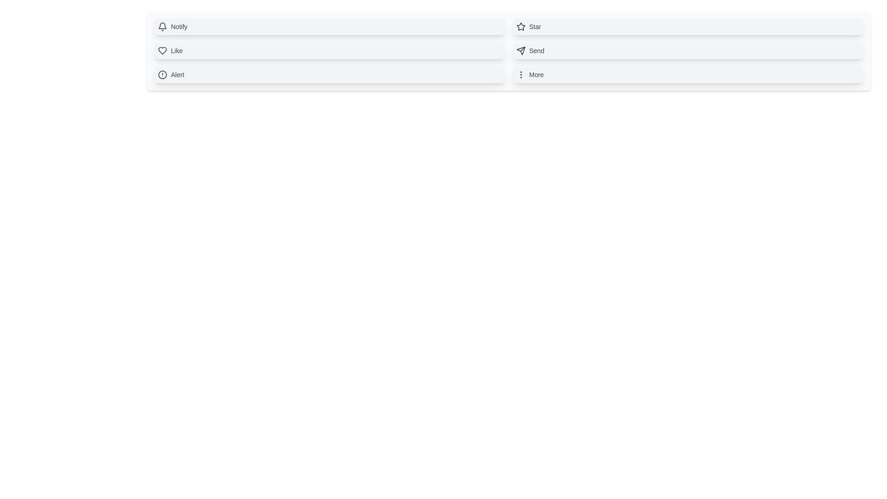  I want to click on the star icon located at the upper-right area of the interface, inside the button labeled 'Star' in the first row of the right column, so click(521, 26).